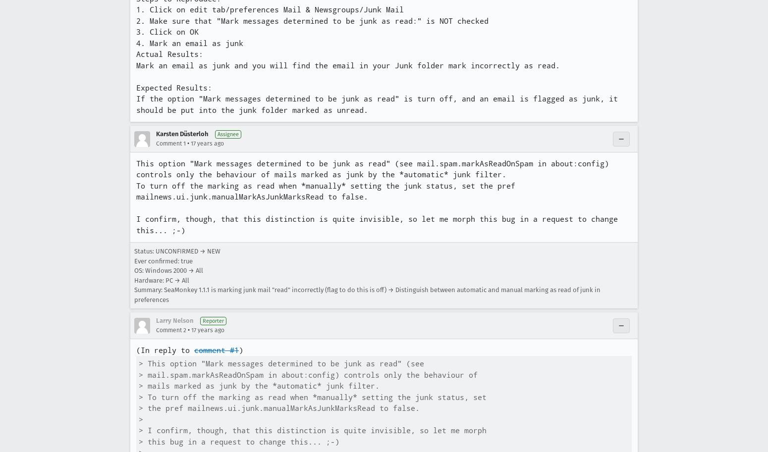 This screenshot has width=768, height=452. What do you see at coordinates (216, 350) in the screenshot?
I see `'comment #1'` at bounding box center [216, 350].